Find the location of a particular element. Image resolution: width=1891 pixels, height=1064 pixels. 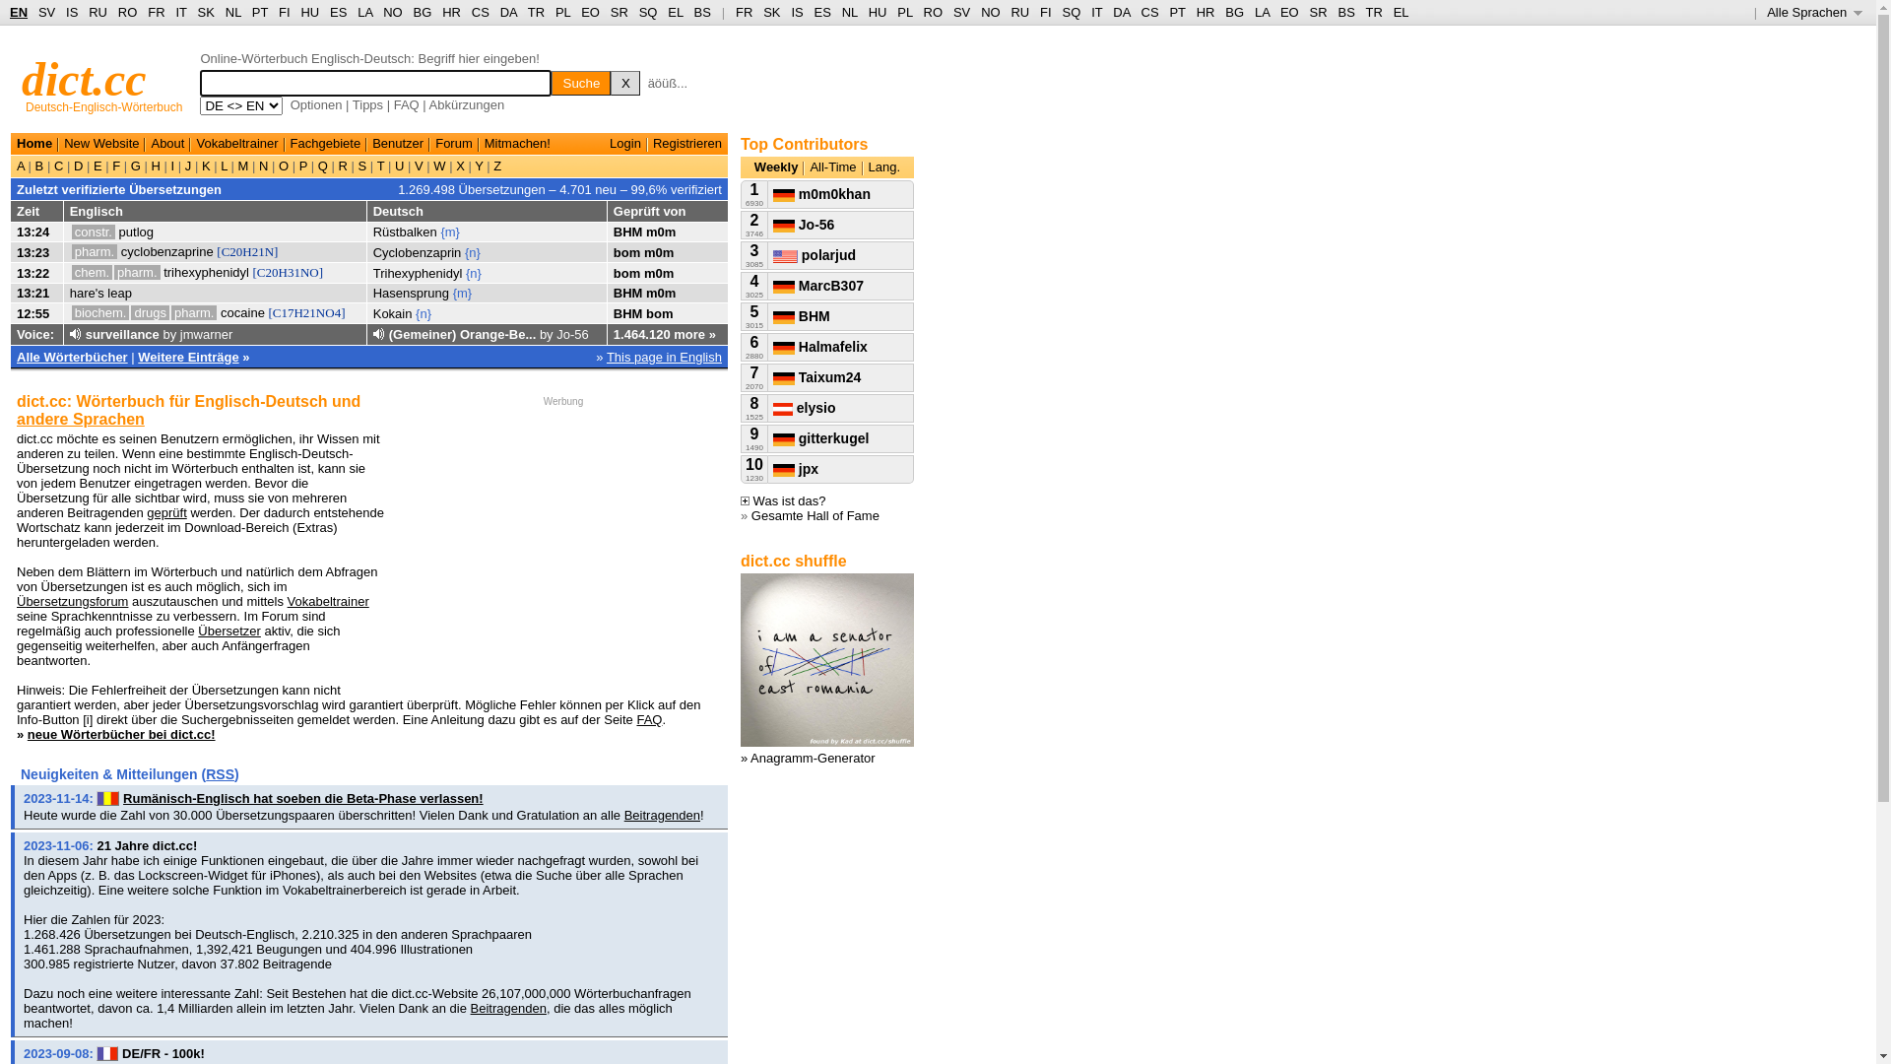

'J' is located at coordinates (188, 165).